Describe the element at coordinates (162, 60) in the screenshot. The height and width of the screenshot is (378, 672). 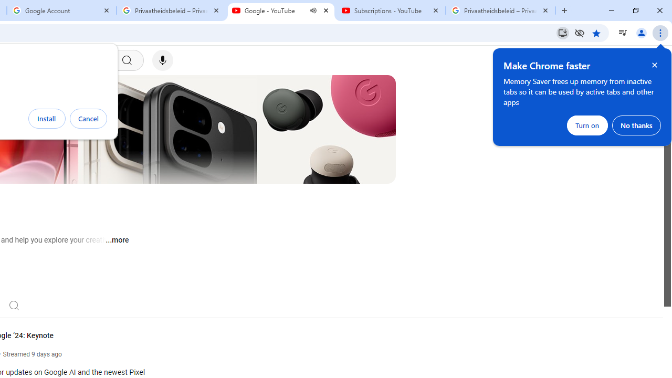
I see `'Search with your voice'` at that location.